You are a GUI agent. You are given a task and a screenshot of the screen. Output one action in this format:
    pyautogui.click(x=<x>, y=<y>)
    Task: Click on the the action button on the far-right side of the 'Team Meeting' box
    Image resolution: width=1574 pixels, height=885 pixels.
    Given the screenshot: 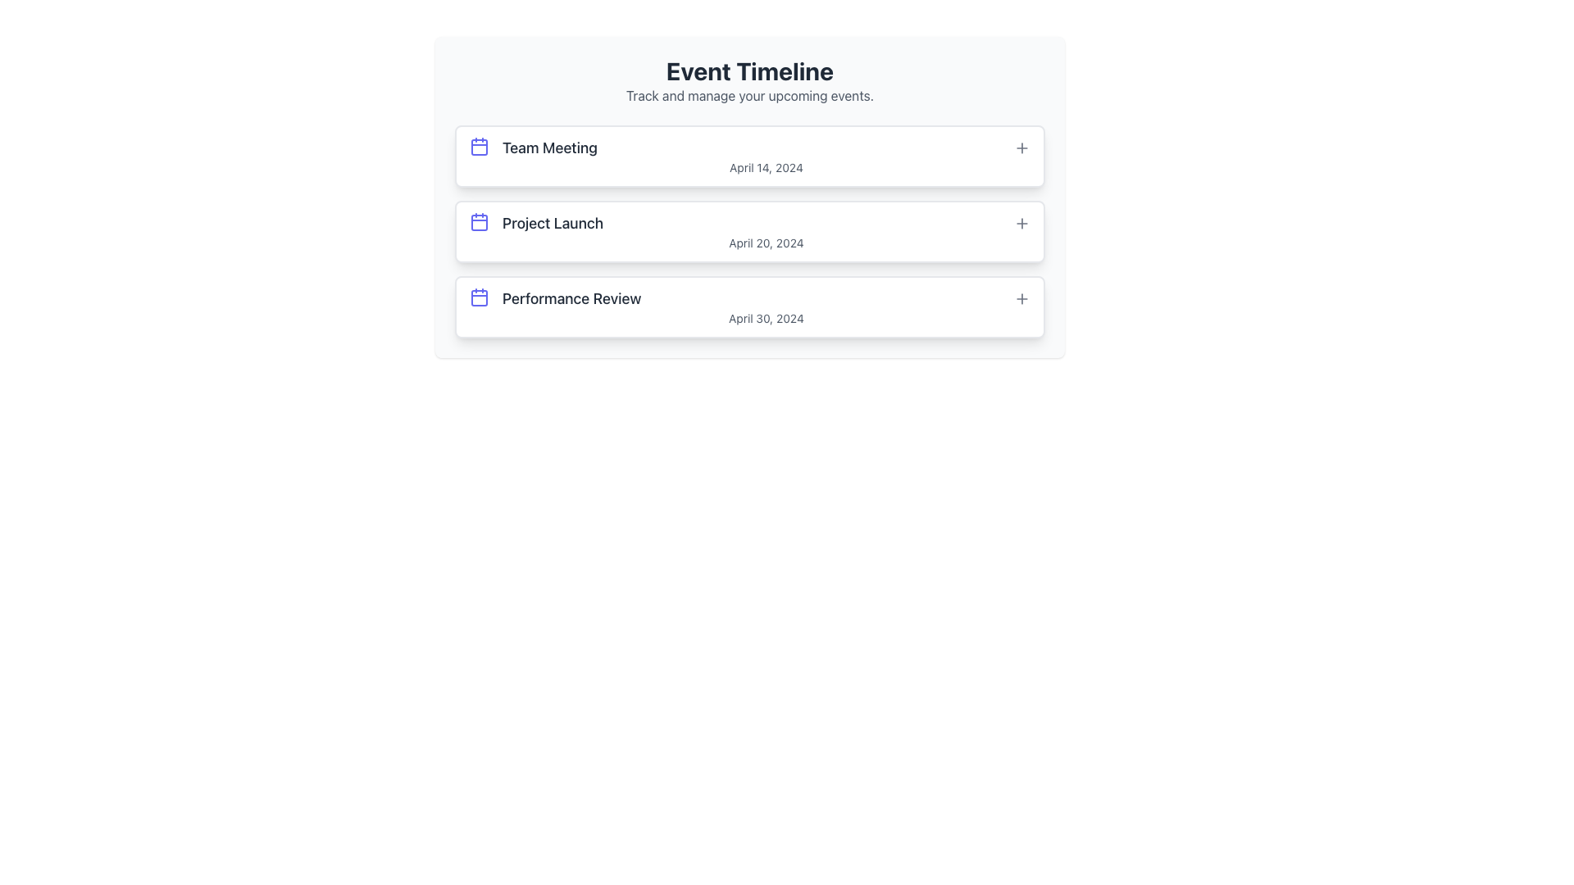 What is the action you would take?
    pyautogui.click(x=1021, y=148)
    